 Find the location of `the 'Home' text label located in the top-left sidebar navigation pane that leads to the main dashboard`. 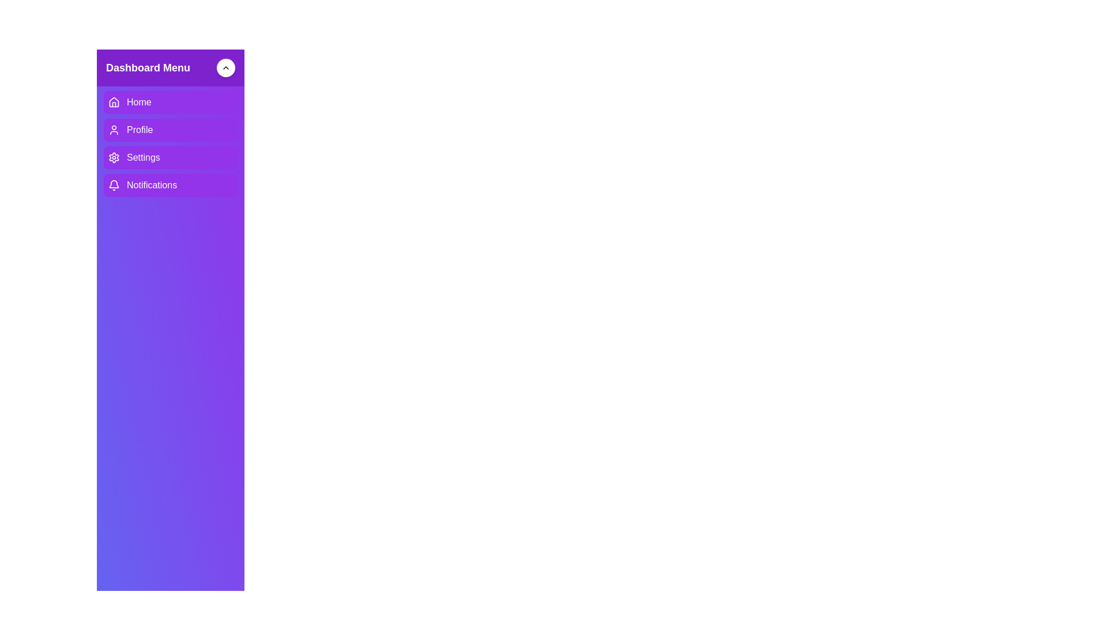

the 'Home' text label located in the top-left sidebar navigation pane that leads to the main dashboard is located at coordinates (138, 101).